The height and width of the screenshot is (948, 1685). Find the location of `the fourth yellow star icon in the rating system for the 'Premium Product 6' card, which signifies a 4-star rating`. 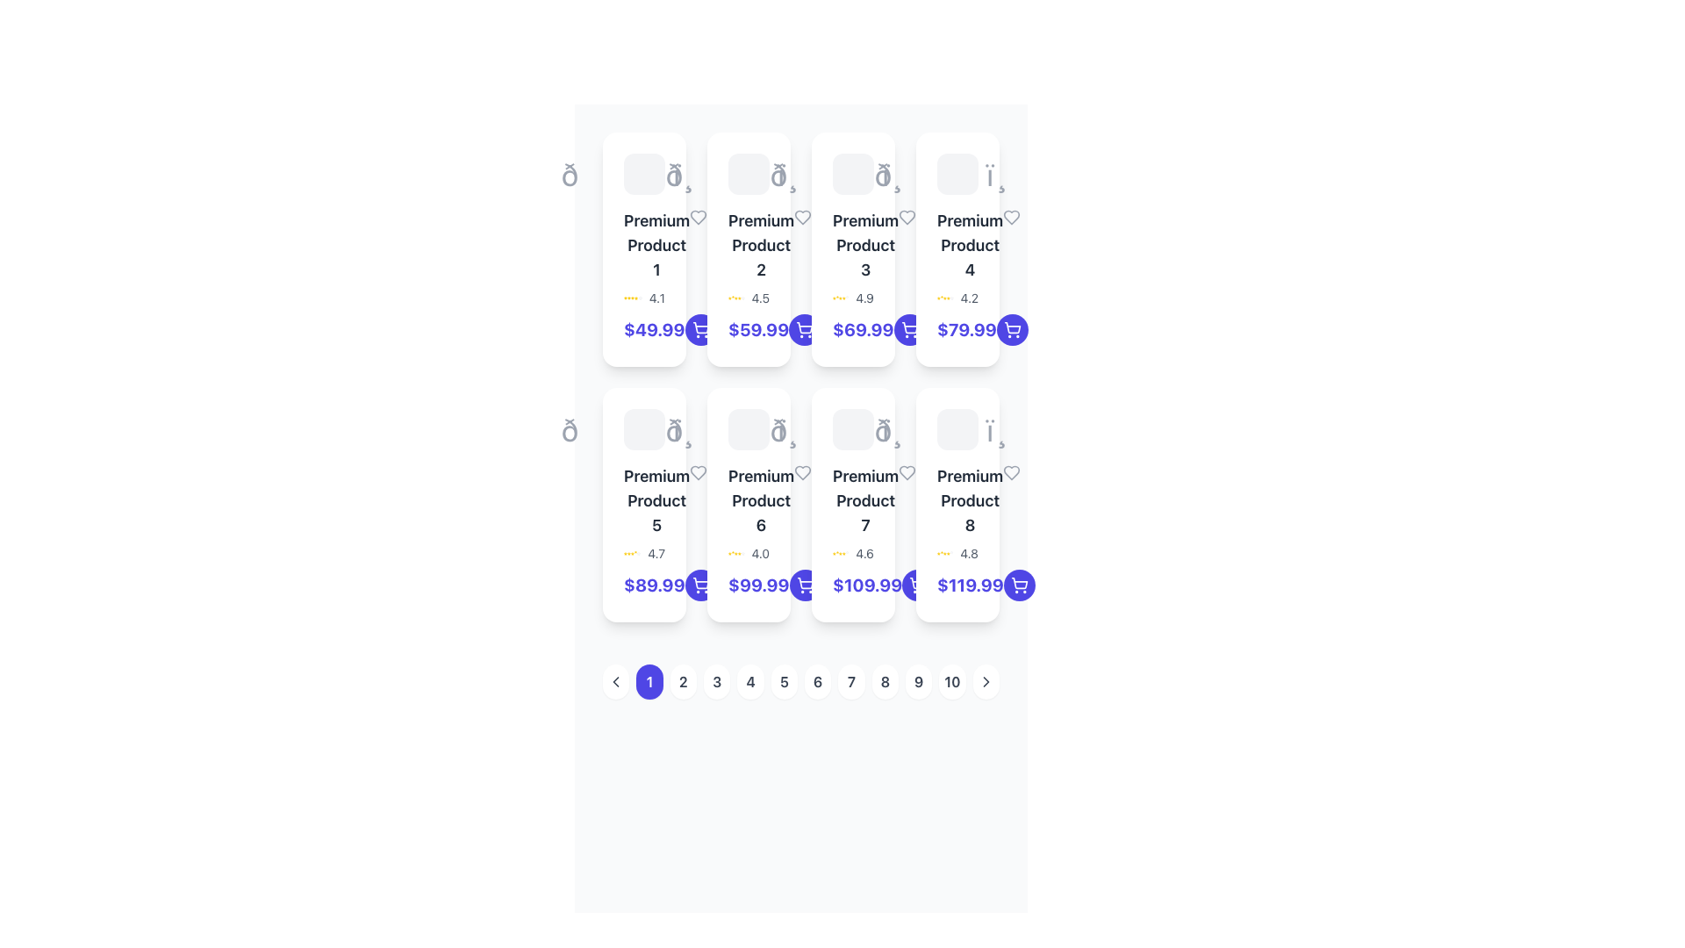

the fourth yellow star icon in the rating system for the 'Premium Product 6' card, which signifies a 4-star rating is located at coordinates (739, 554).